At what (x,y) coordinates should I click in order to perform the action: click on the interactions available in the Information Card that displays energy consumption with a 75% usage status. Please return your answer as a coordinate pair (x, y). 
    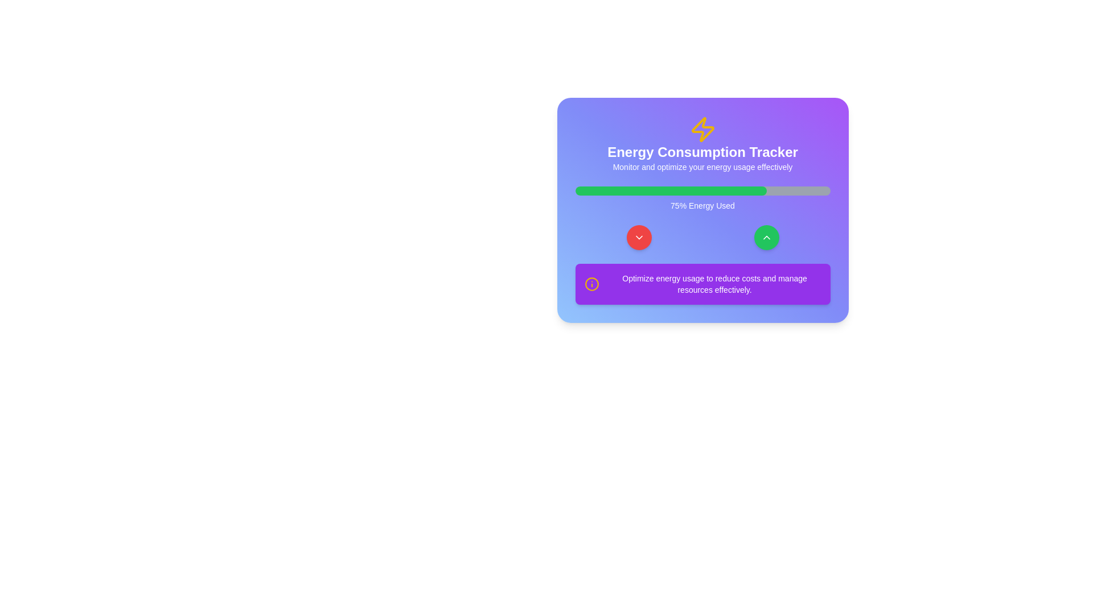
    Looking at the image, I should click on (702, 210).